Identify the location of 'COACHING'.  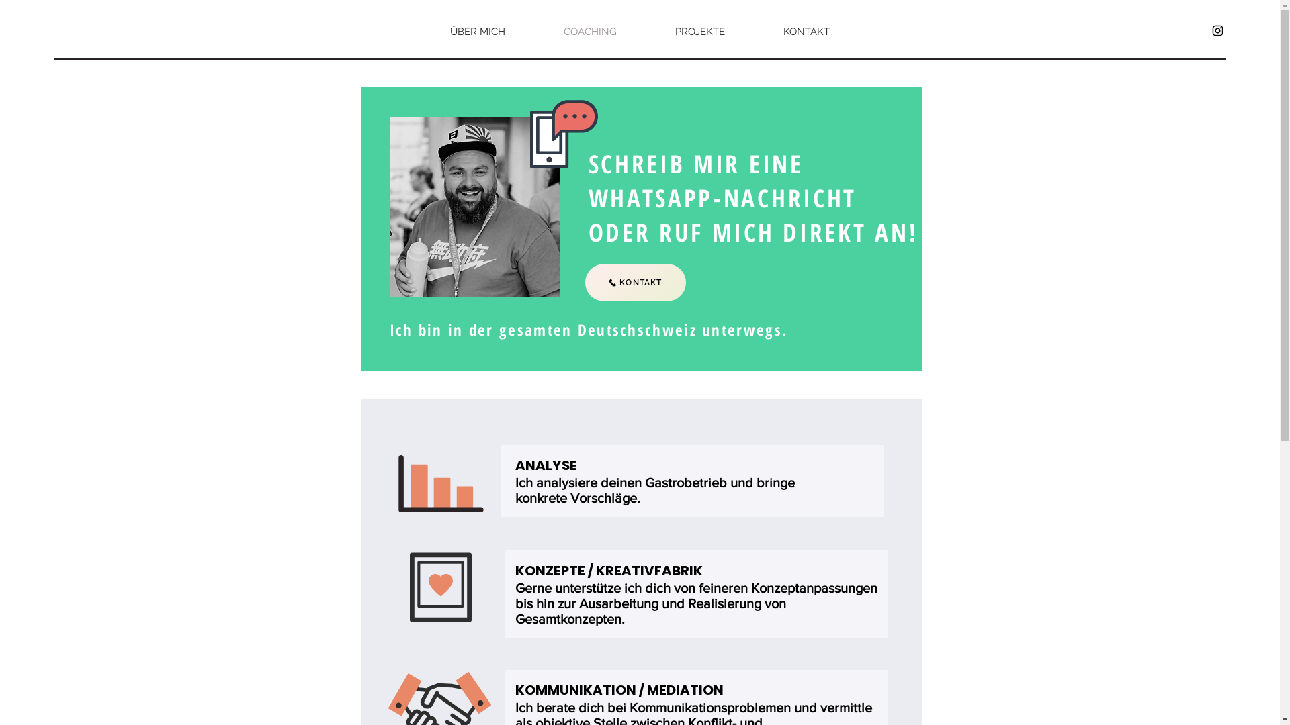
(590, 31).